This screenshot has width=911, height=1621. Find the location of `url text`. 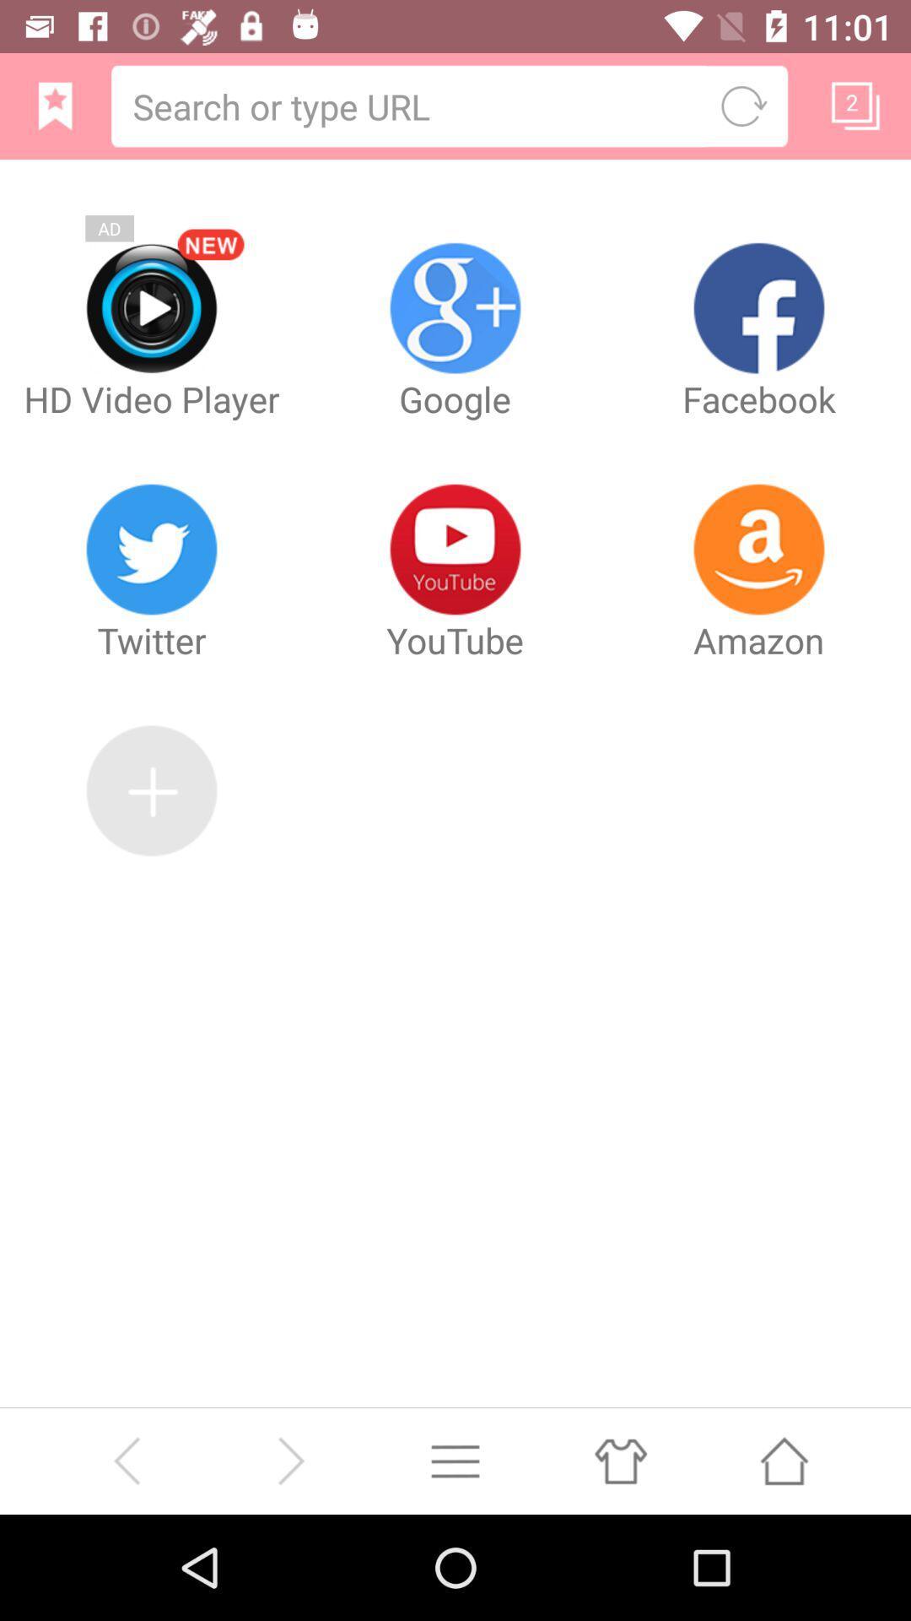

url text is located at coordinates (411, 105).